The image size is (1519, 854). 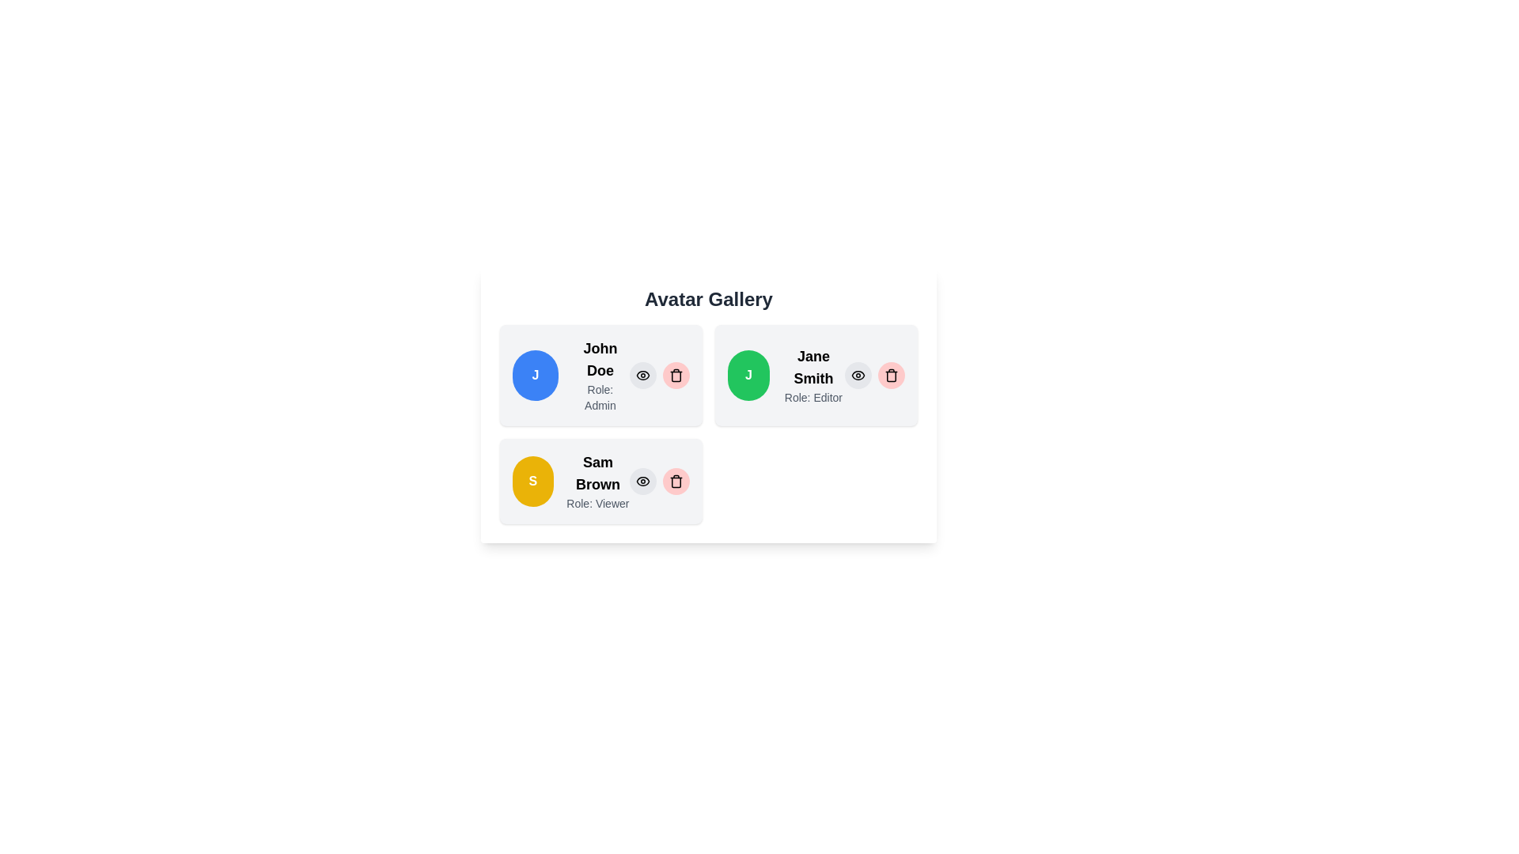 What do you see at coordinates (597, 472) in the screenshot?
I see `text from the text label displaying 'Sam Brown' in bold font style, located near the left-middle of a card layout just above the role 'Viewer'` at bounding box center [597, 472].